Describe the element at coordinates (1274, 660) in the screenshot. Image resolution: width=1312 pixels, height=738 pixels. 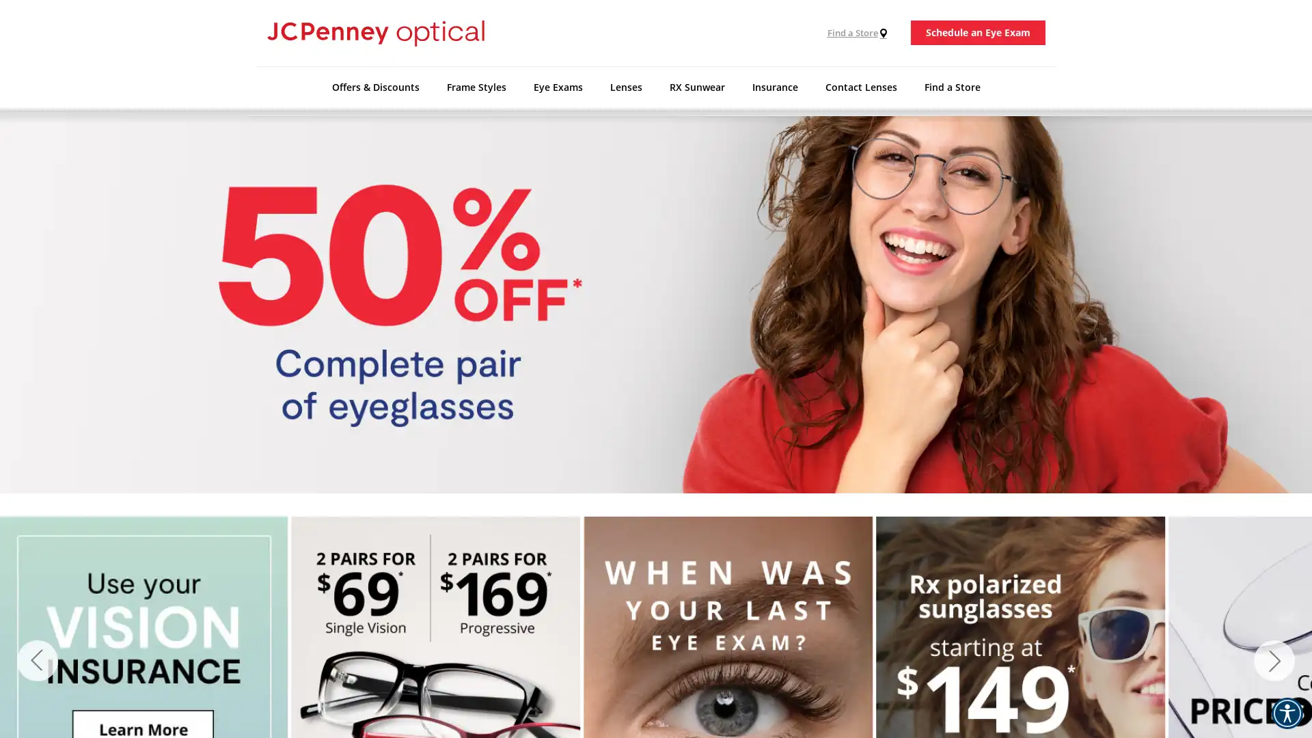
I see `next` at that location.